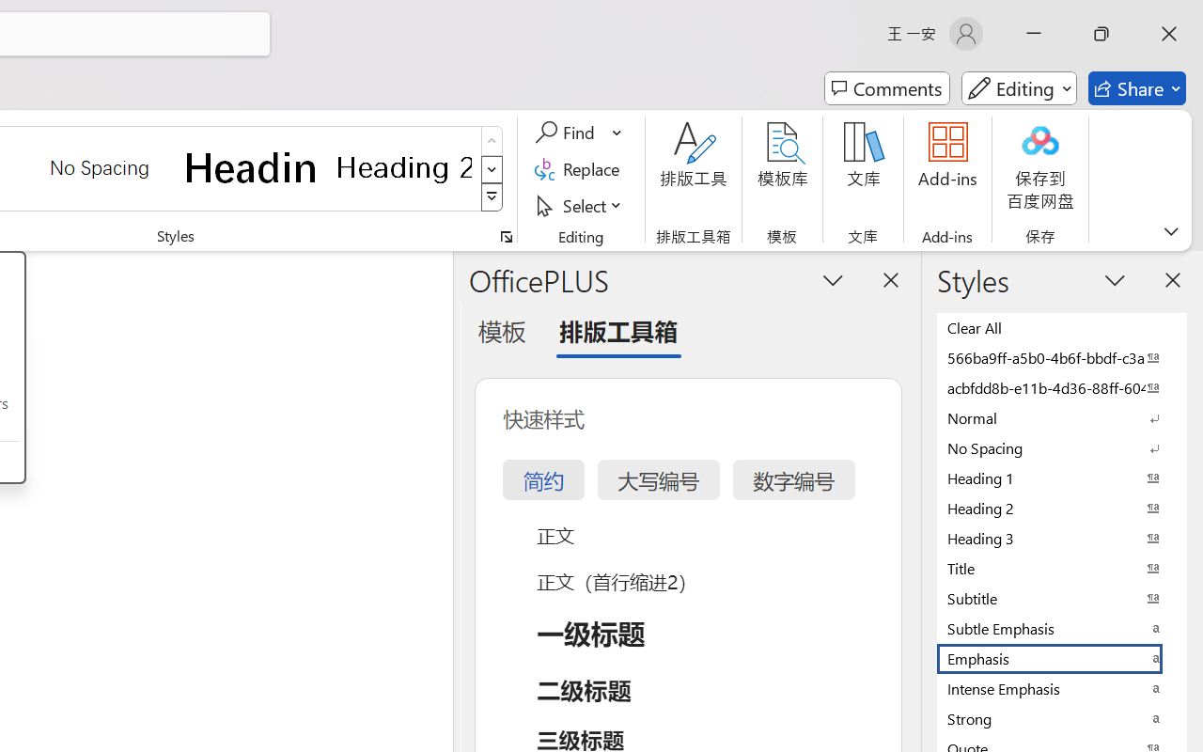 The width and height of the screenshot is (1203, 752). What do you see at coordinates (1033, 33) in the screenshot?
I see `'Minimize'` at bounding box center [1033, 33].